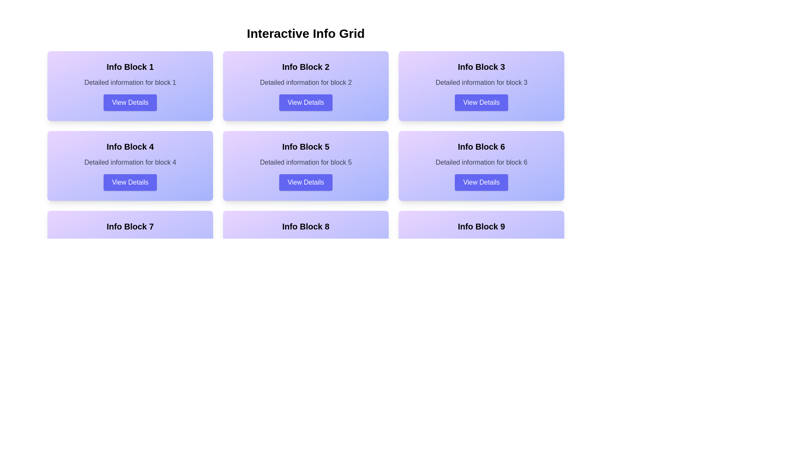  What do you see at coordinates (129, 226) in the screenshot?
I see `the heading text label that summarizes the content of the 'Info Block 7' card, which is centered within the card in the second row, first column of a 3x3 grid` at bounding box center [129, 226].